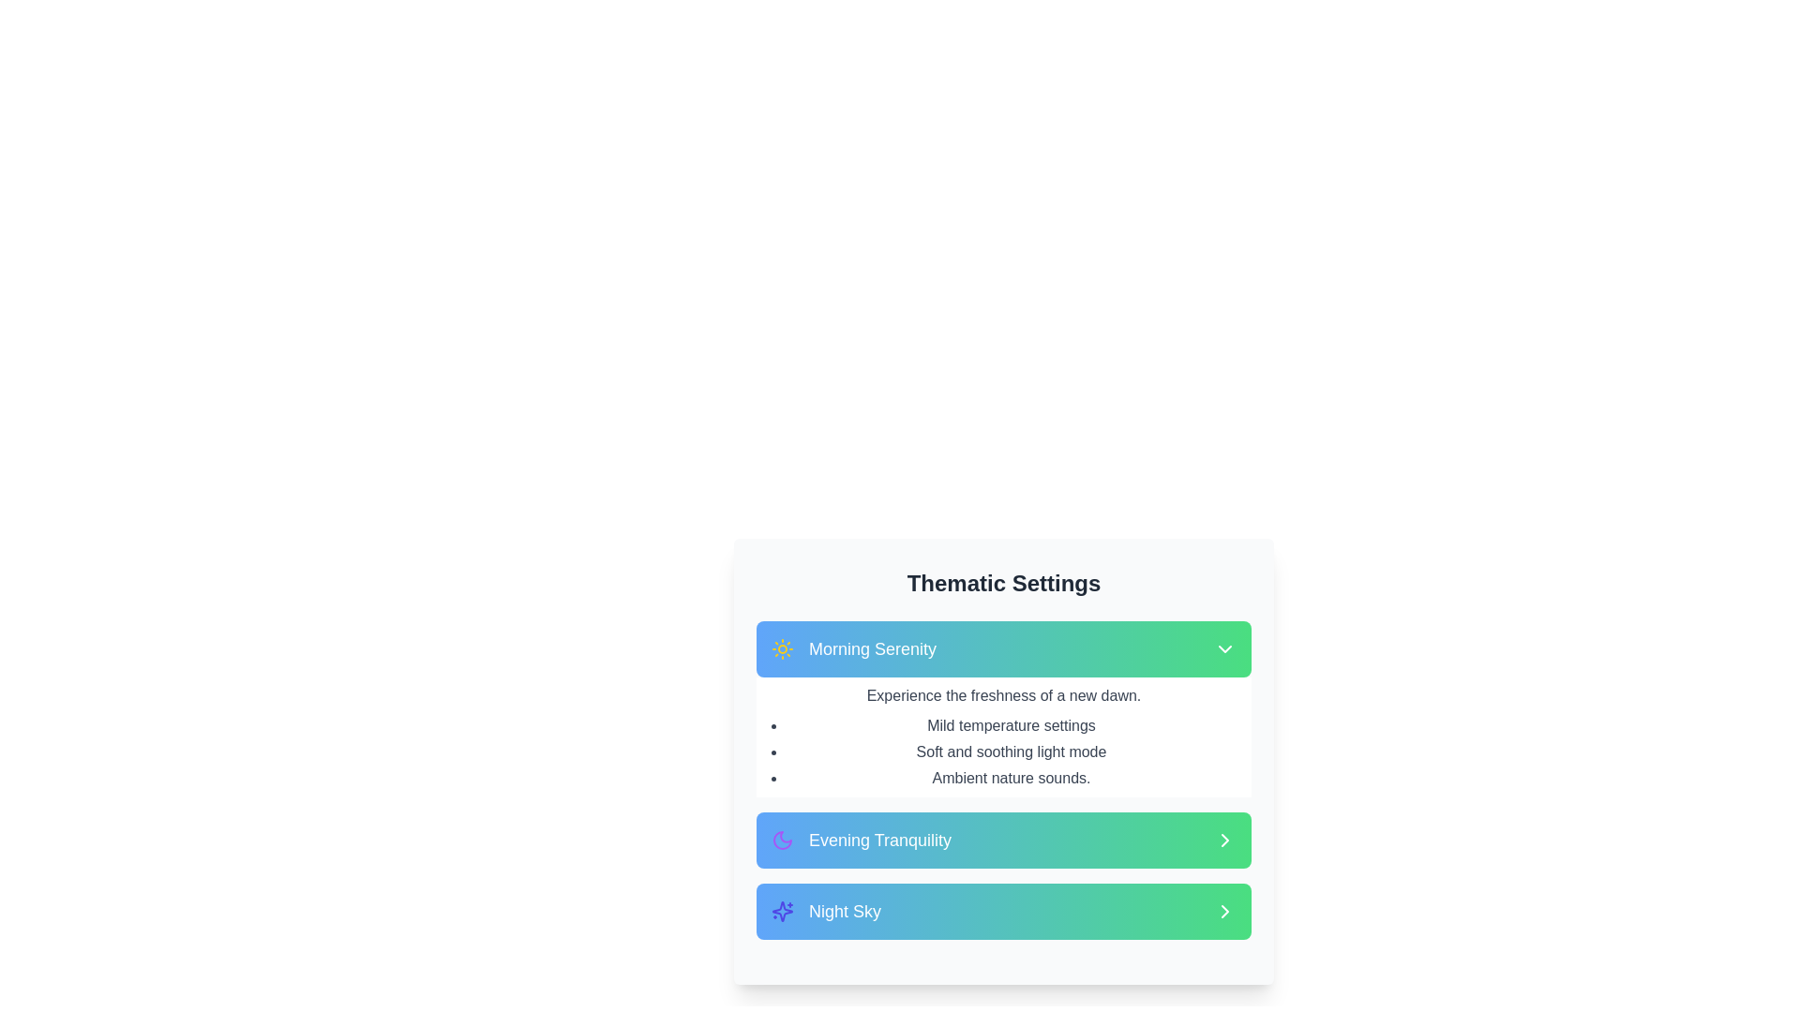 Image resolution: width=1800 pixels, height=1012 pixels. What do you see at coordinates (879, 840) in the screenshot?
I see `the text label 'Evening Tranquility' within the button, styled with a medium font weight and light color, located under 'Thematic Settings' title as the second option in the list` at bounding box center [879, 840].